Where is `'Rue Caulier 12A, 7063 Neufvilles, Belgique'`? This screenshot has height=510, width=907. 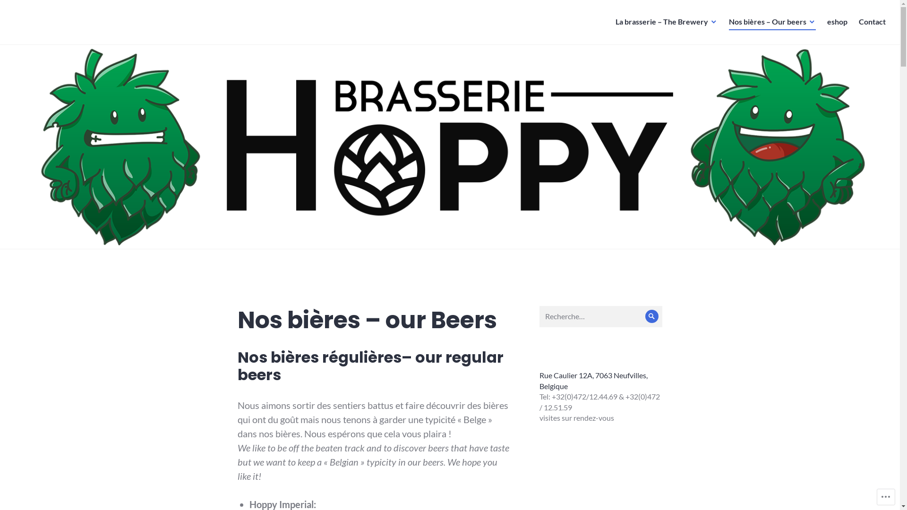 'Rue Caulier 12A, 7063 Neufvilles, Belgique' is located at coordinates (593, 380).